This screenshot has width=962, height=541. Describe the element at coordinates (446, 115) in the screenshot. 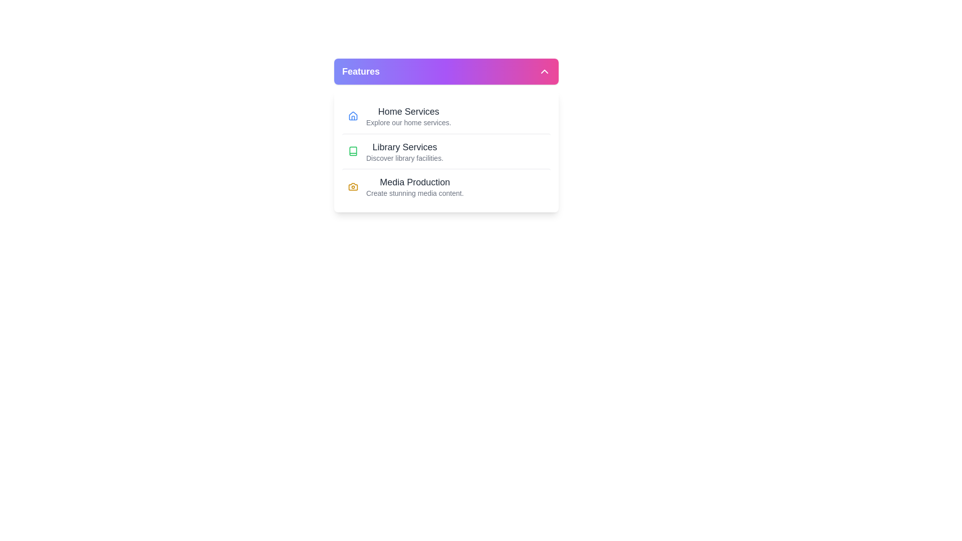

I see `the 'Home Services' clickable menu list item, which features a blue house icon and the title text in bold dark grey, located at the top of the 'Features' section` at that location.